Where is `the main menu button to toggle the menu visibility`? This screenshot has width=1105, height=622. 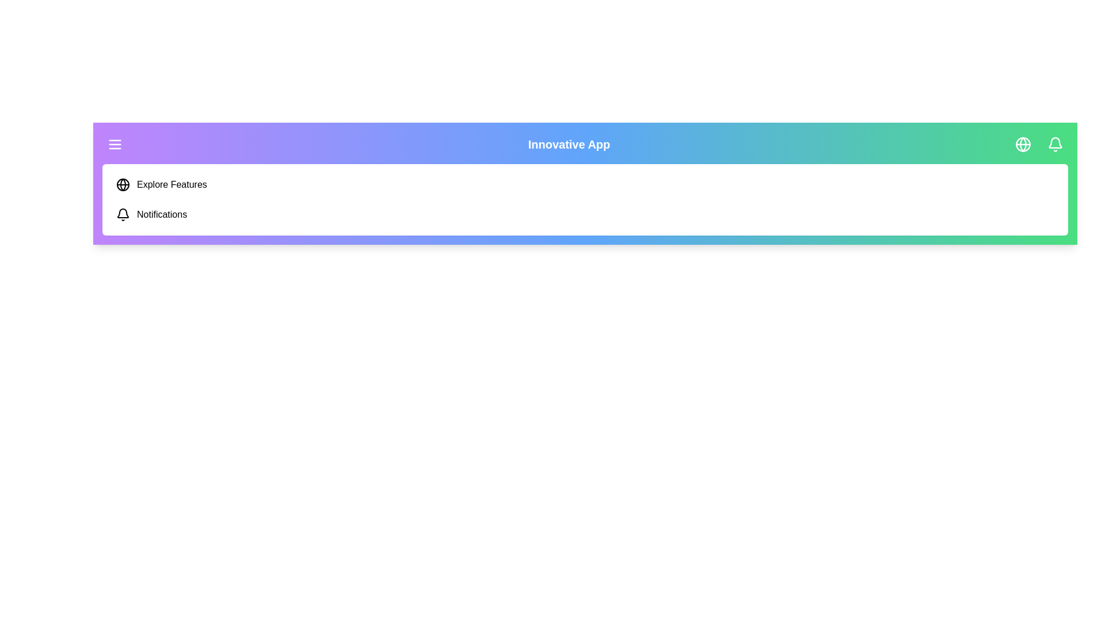 the main menu button to toggle the menu visibility is located at coordinates (115, 143).